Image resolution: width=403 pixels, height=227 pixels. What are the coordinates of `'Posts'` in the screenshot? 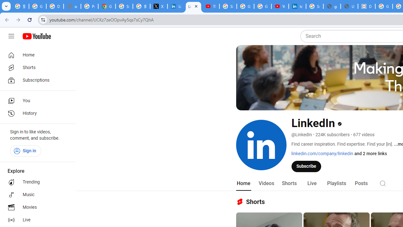 It's located at (361, 183).